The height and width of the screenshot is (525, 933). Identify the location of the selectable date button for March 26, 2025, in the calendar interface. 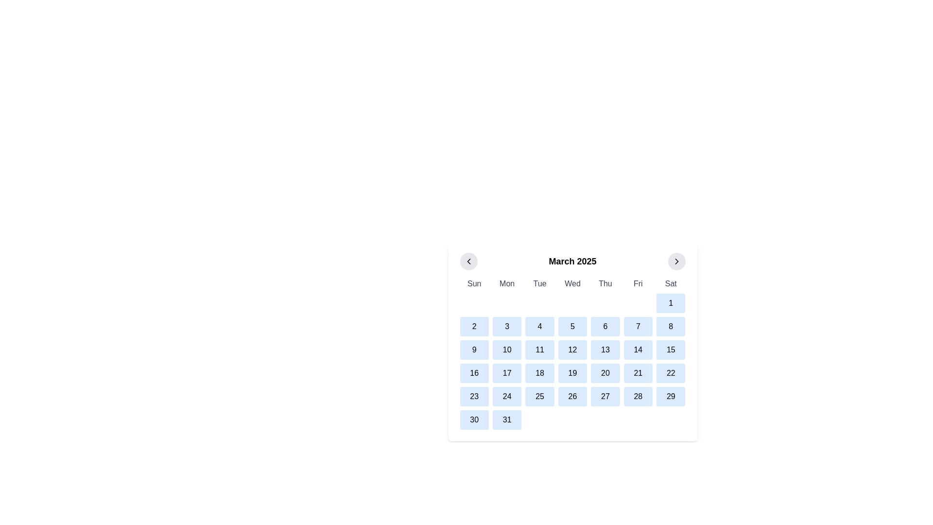
(572, 397).